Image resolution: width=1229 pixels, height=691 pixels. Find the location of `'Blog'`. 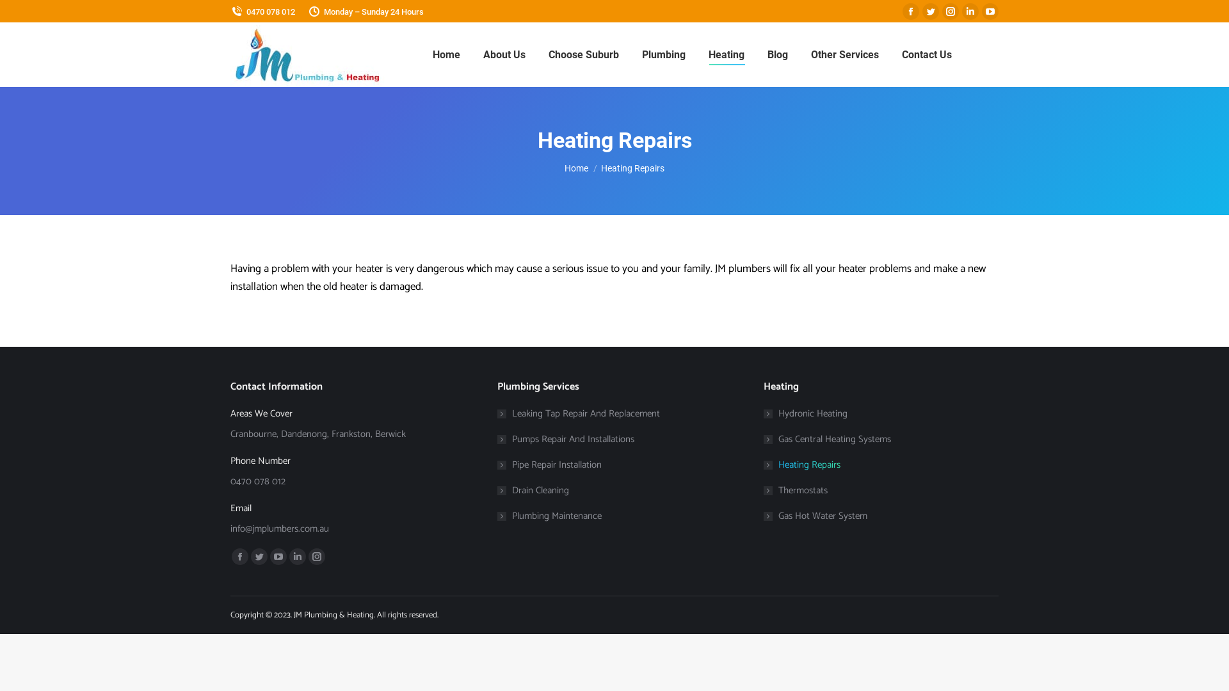

'Blog' is located at coordinates (776, 54).